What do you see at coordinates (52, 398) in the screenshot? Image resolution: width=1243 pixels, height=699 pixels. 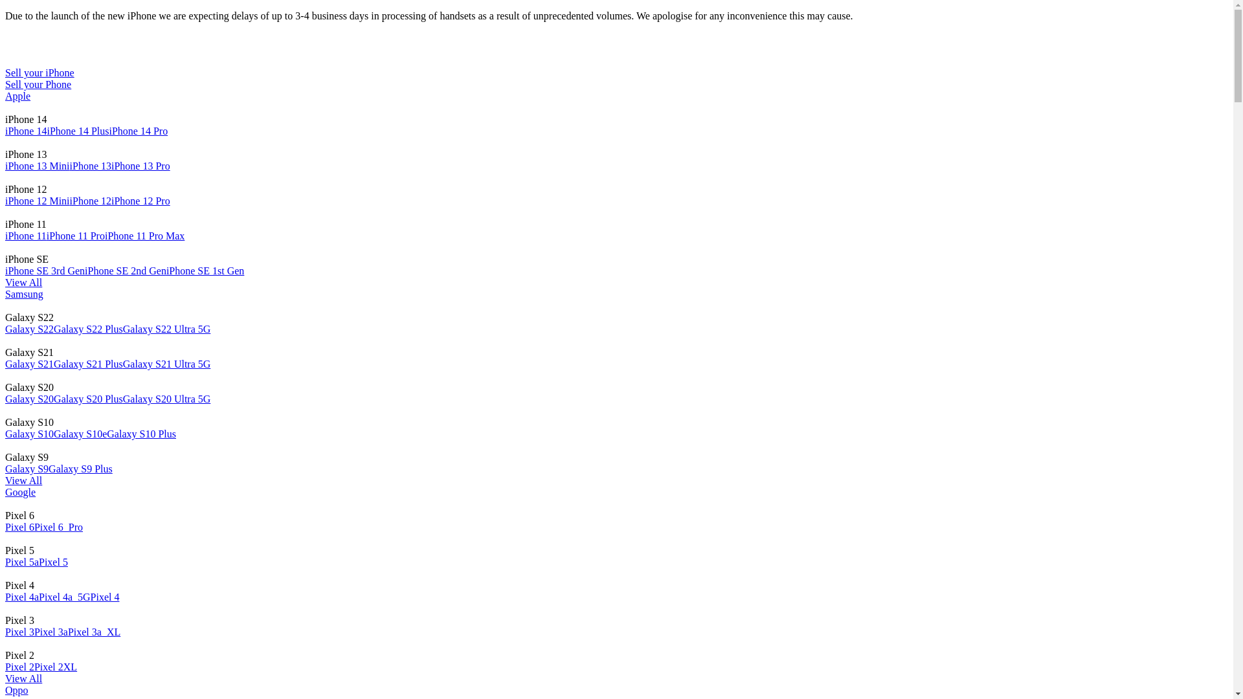 I see `'Galaxy S20 Plus'` at bounding box center [52, 398].